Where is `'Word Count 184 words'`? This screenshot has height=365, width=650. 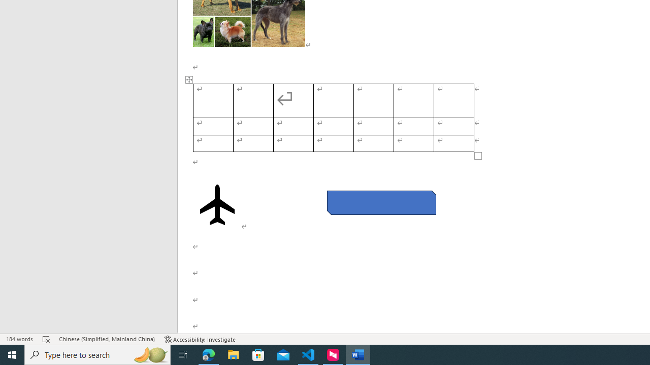
'Word Count 184 words' is located at coordinates (19, 339).